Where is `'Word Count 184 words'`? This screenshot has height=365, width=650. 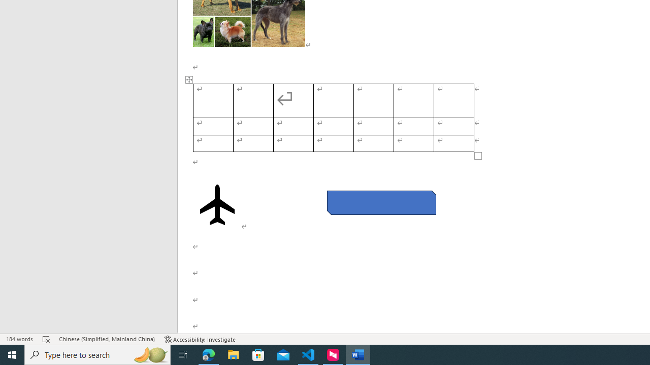
'Word Count 184 words' is located at coordinates (19, 339).